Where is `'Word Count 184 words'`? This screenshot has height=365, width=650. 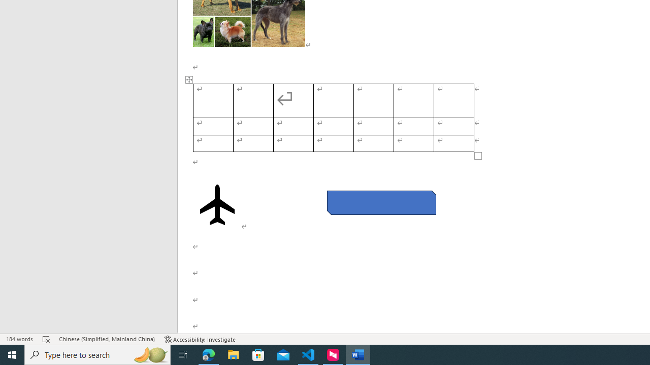
'Word Count 184 words' is located at coordinates (19, 339).